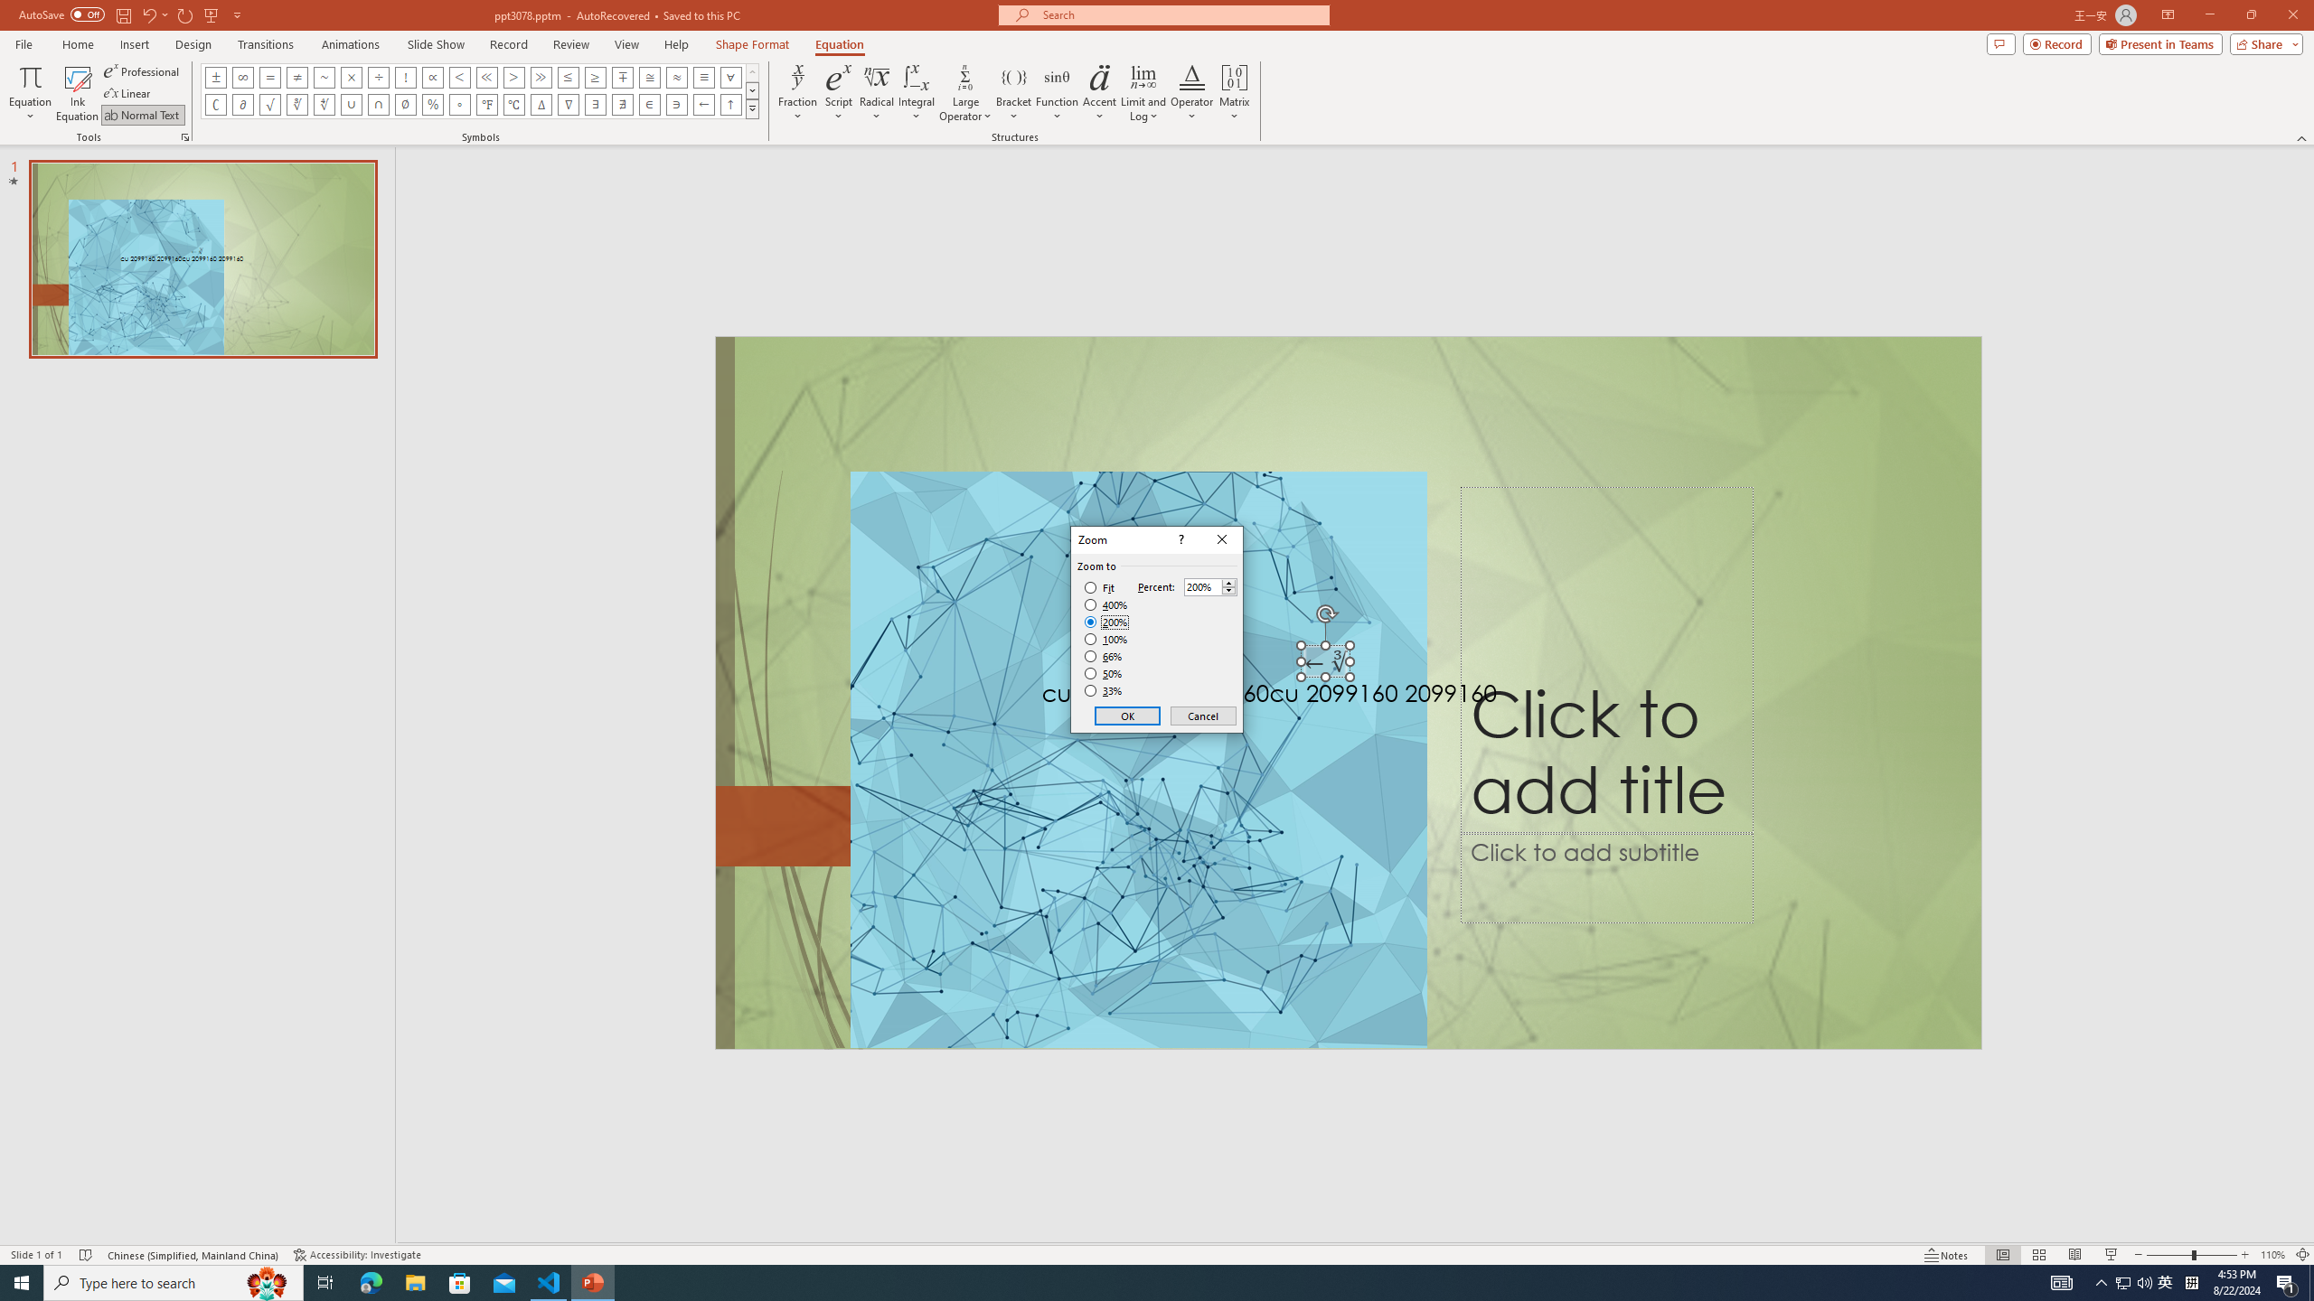 Image resolution: width=2314 pixels, height=1301 pixels. I want to click on 'Equation Symbol Complement', so click(216, 103).